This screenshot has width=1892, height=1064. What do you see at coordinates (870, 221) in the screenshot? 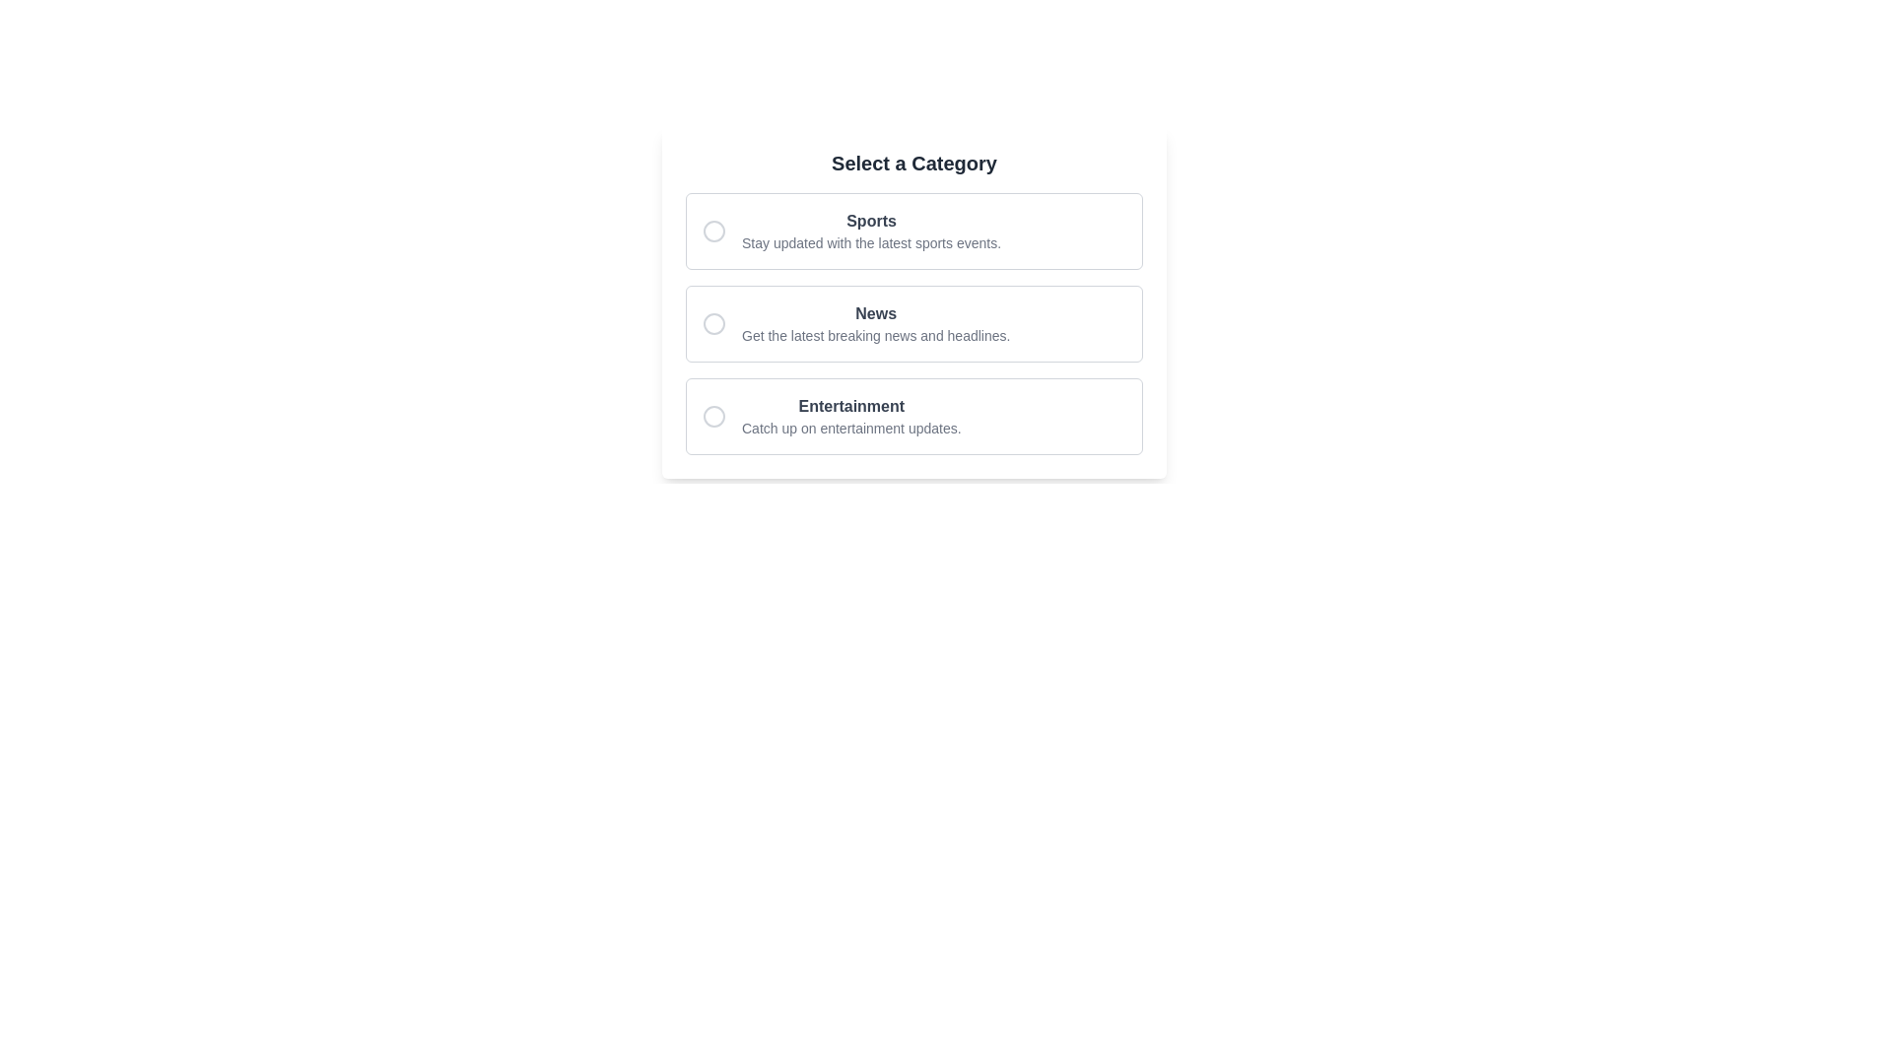
I see `the static text label that serves as the title for the 'Sports' category, which is positioned above the description text 'Stay updated with the latest sports events.'` at bounding box center [870, 221].